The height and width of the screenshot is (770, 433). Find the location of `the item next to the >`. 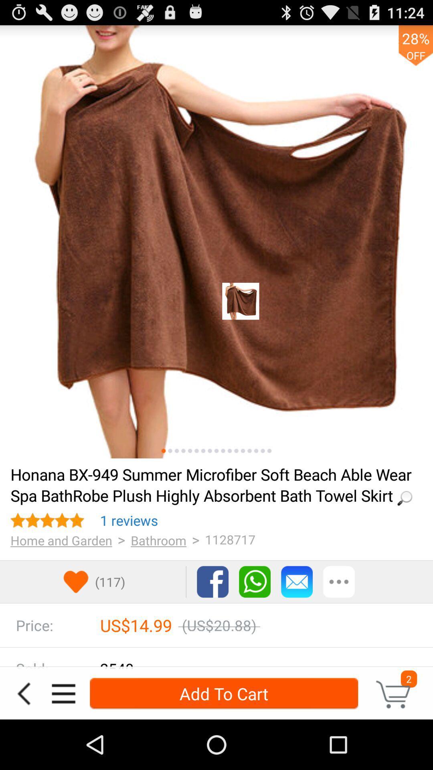

the item next to the > is located at coordinates (129, 520).